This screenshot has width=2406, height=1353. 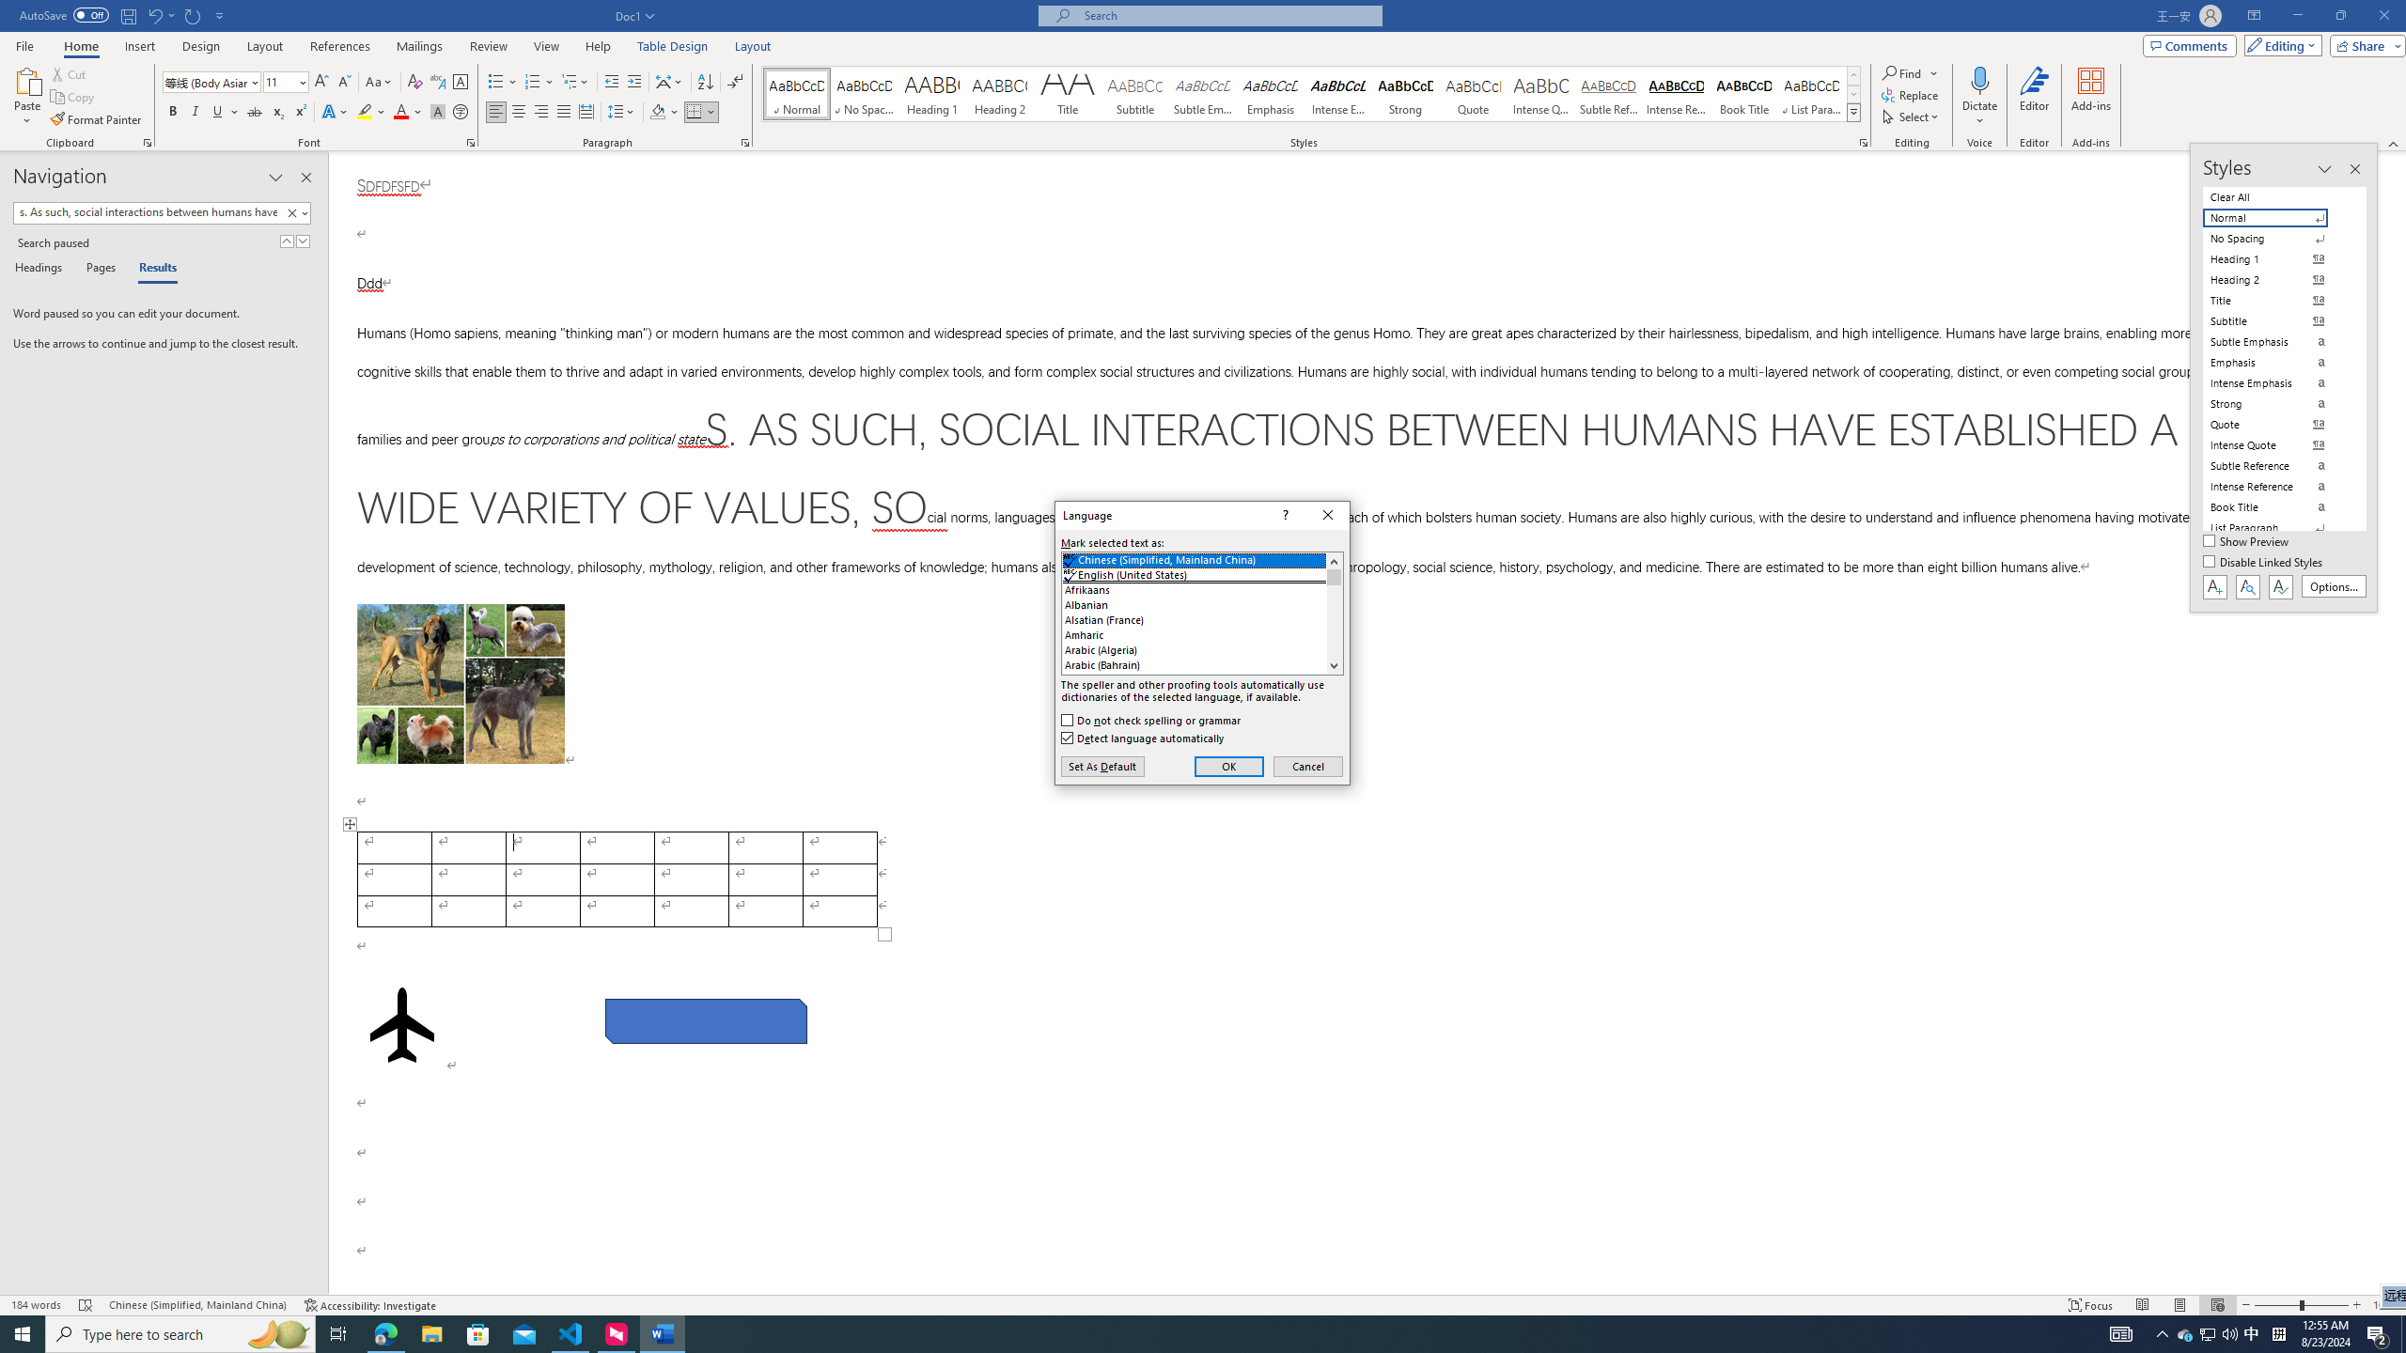 What do you see at coordinates (2276, 238) in the screenshot?
I see `'No Spacing'` at bounding box center [2276, 238].